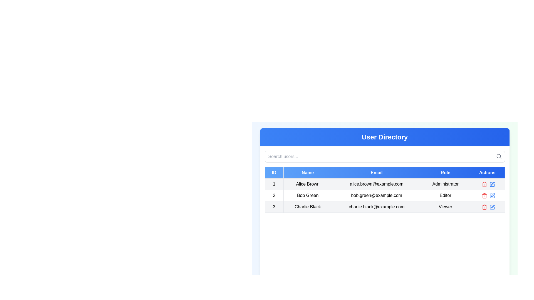 The width and height of the screenshot is (534, 300). Describe the element at coordinates (492, 207) in the screenshot. I see `the edit icon button located in the Actions column of the last row for 'Charlie Black' in the User Directory table to modify his details` at that location.